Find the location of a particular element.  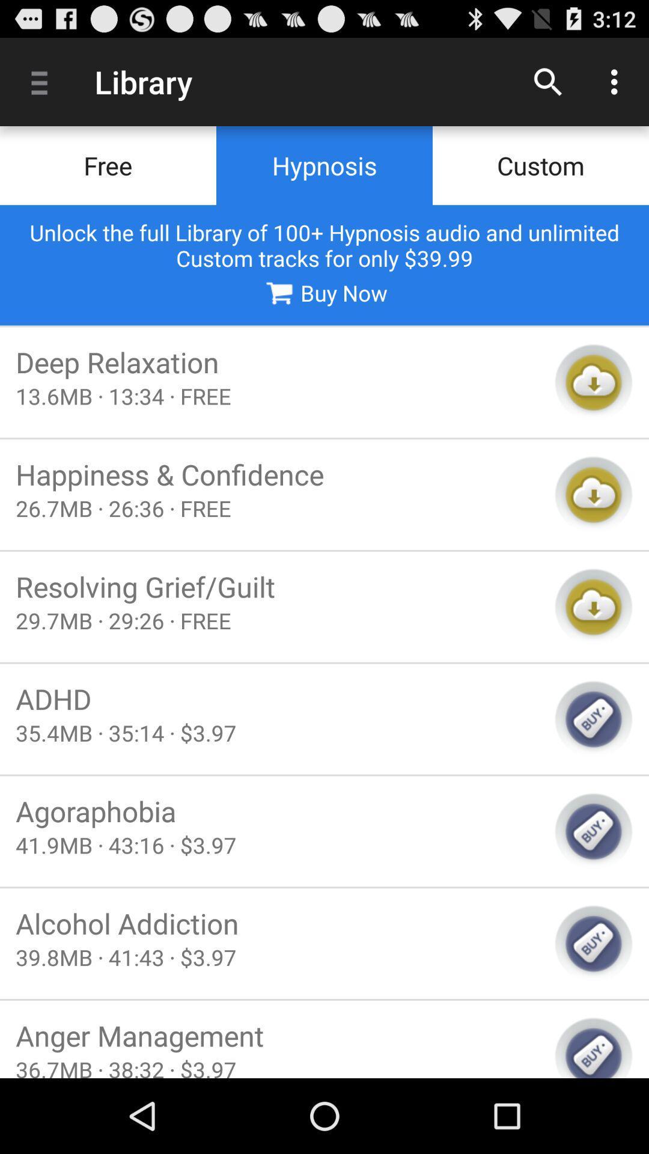

item below 35 4mb 35 icon is located at coordinates (277, 811).